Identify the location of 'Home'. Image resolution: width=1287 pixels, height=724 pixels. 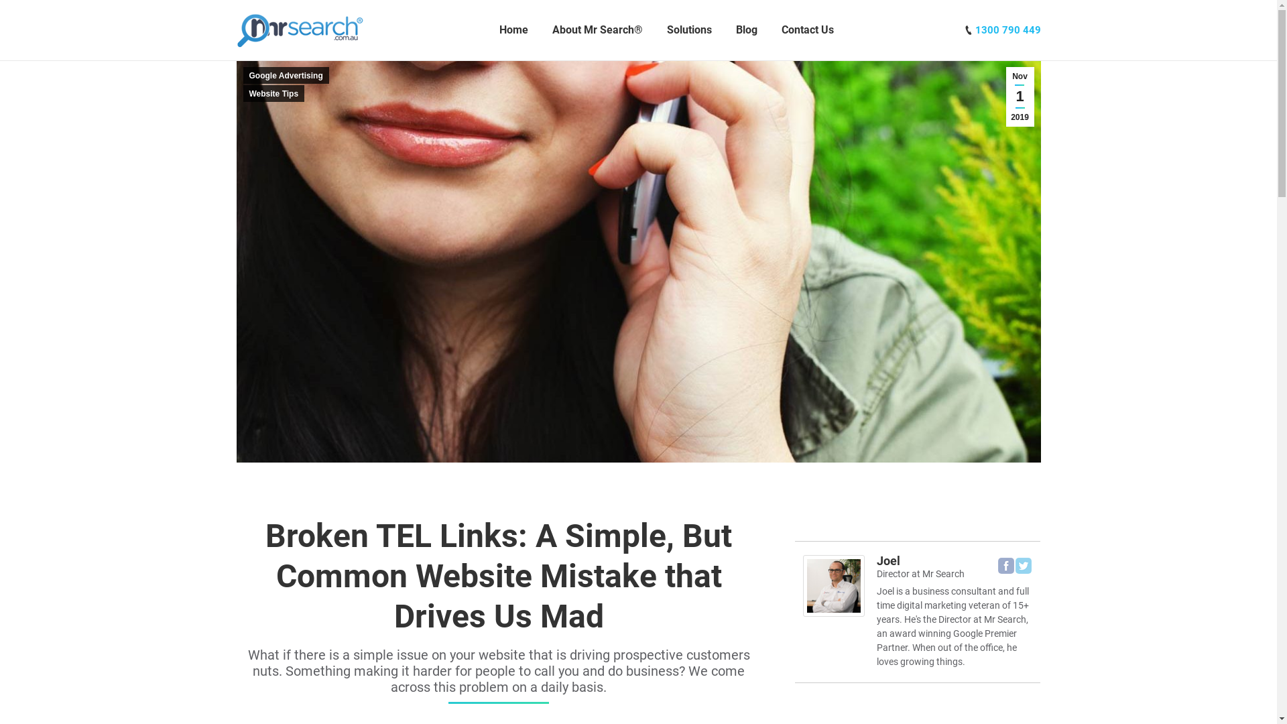
(495, 30).